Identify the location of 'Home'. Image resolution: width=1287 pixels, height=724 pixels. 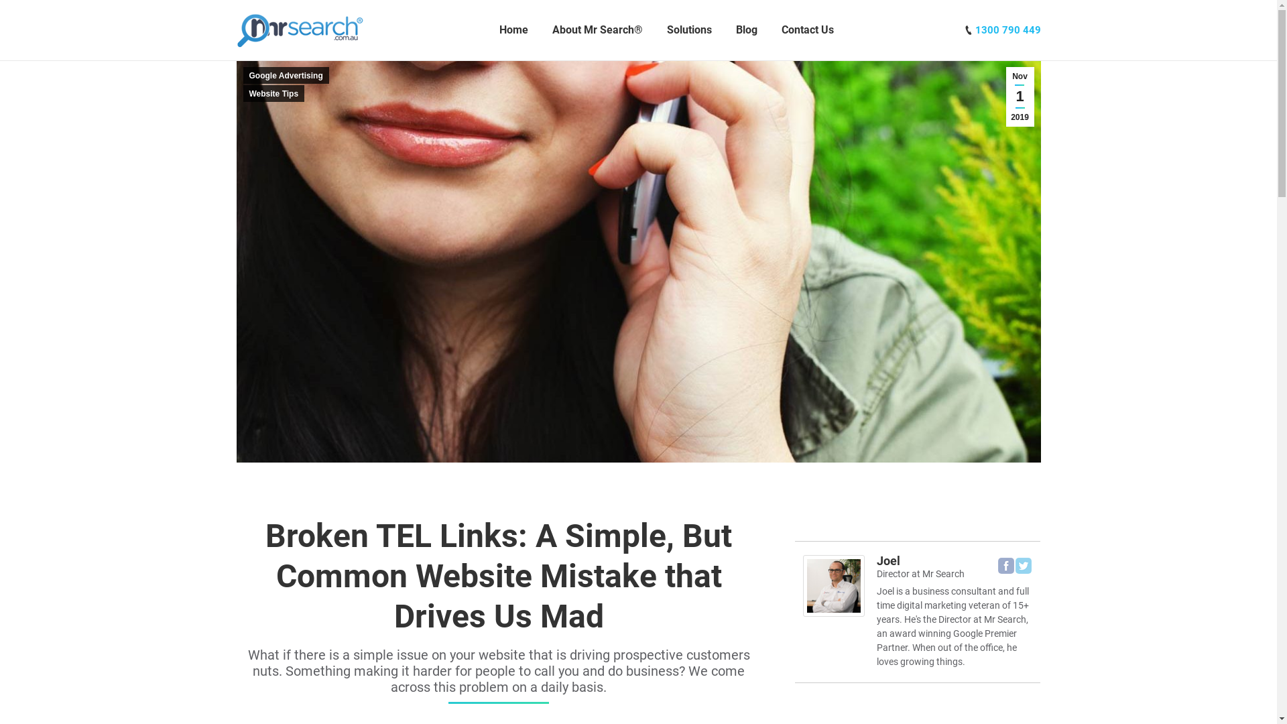
(495, 30).